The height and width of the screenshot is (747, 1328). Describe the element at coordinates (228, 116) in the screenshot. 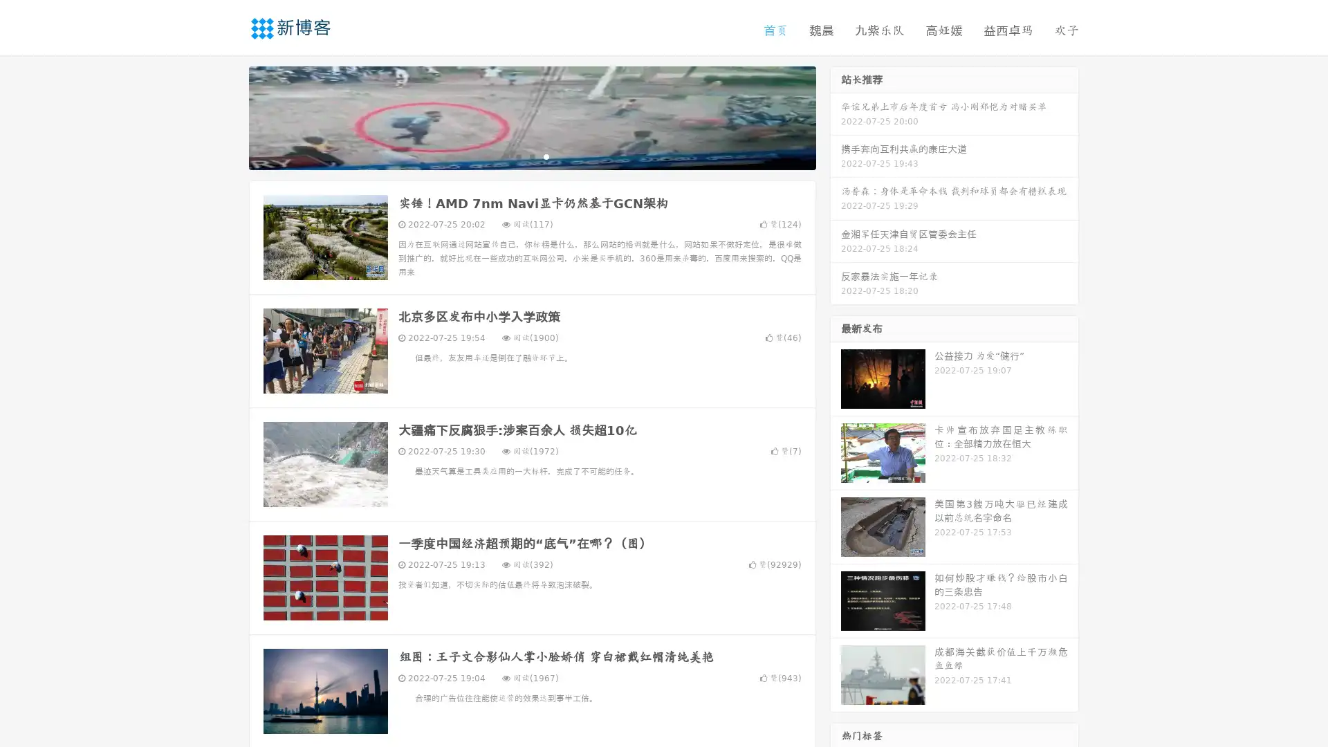

I see `Previous slide` at that location.